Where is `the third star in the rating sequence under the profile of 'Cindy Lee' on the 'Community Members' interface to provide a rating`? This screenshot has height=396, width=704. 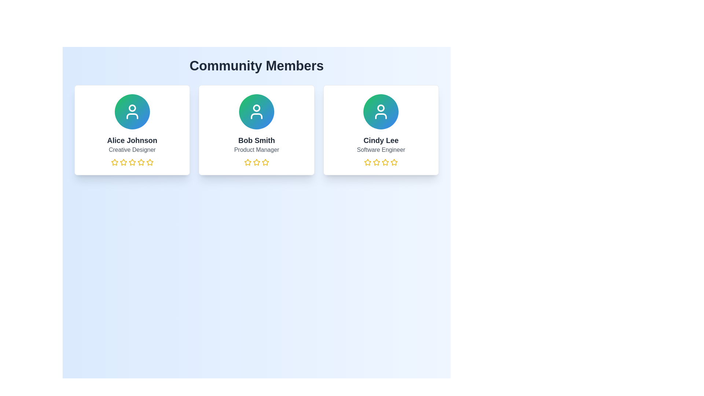 the third star in the rating sequence under the profile of 'Cindy Lee' on the 'Community Members' interface to provide a rating is located at coordinates (377, 162).